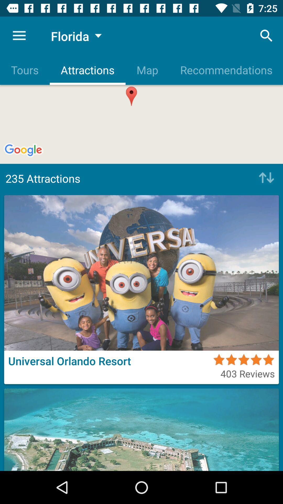  What do you see at coordinates (265, 178) in the screenshot?
I see `go up or down` at bounding box center [265, 178].